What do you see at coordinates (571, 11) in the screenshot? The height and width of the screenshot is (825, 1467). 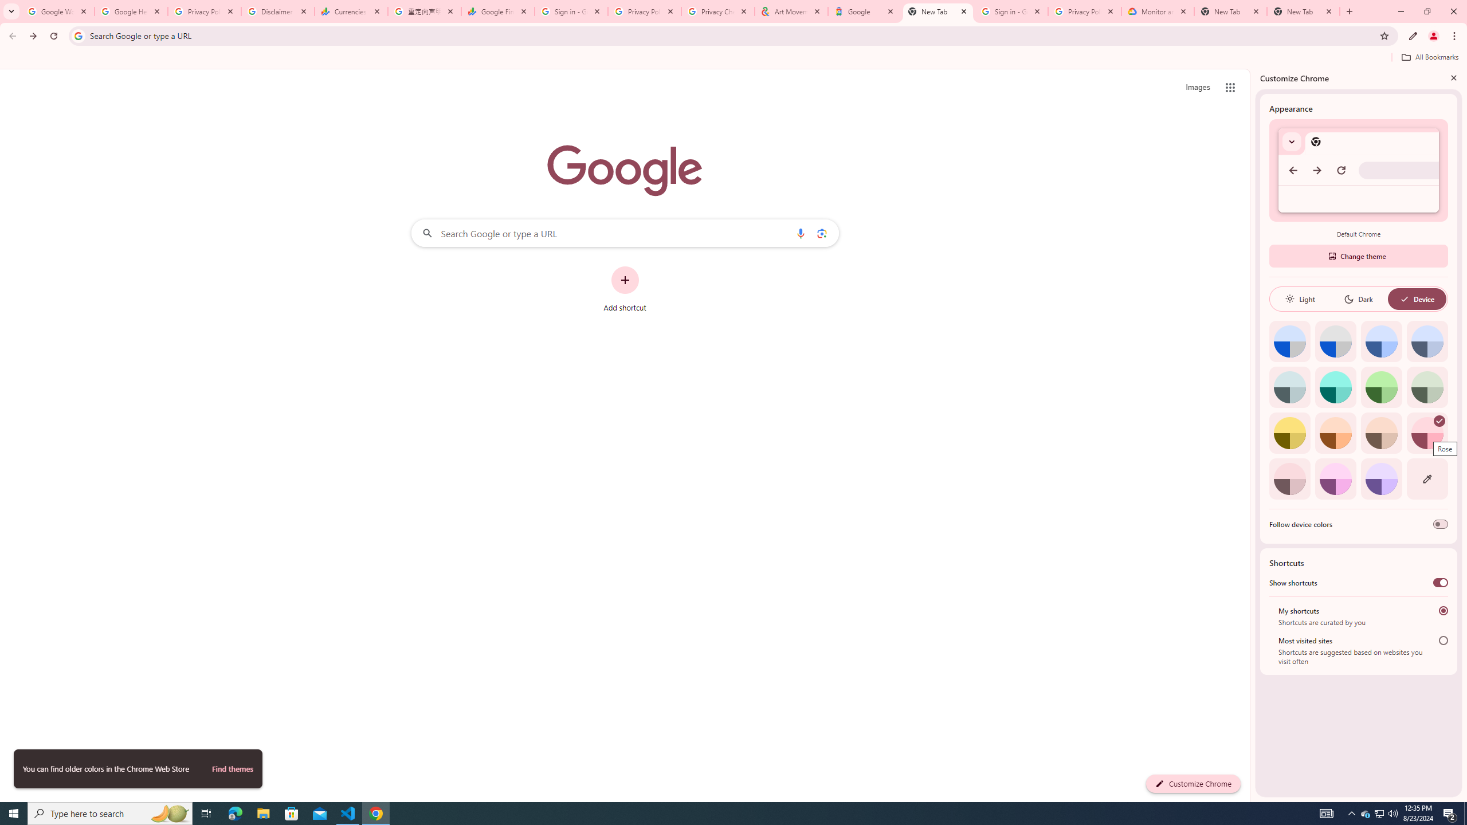 I see `'Sign in - Google Accounts'` at bounding box center [571, 11].